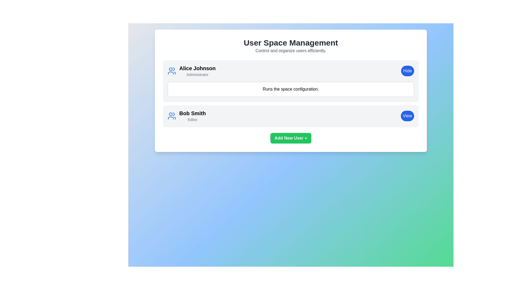 The width and height of the screenshot is (510, 286). What do you see at coordinates (191, 70) in the screenshot?
I see `the User Profile Summary element displaying the name 'Alice Johnson' and role 'Administrator', which is located in the top section of the user list` at bounding box center [191, 70].